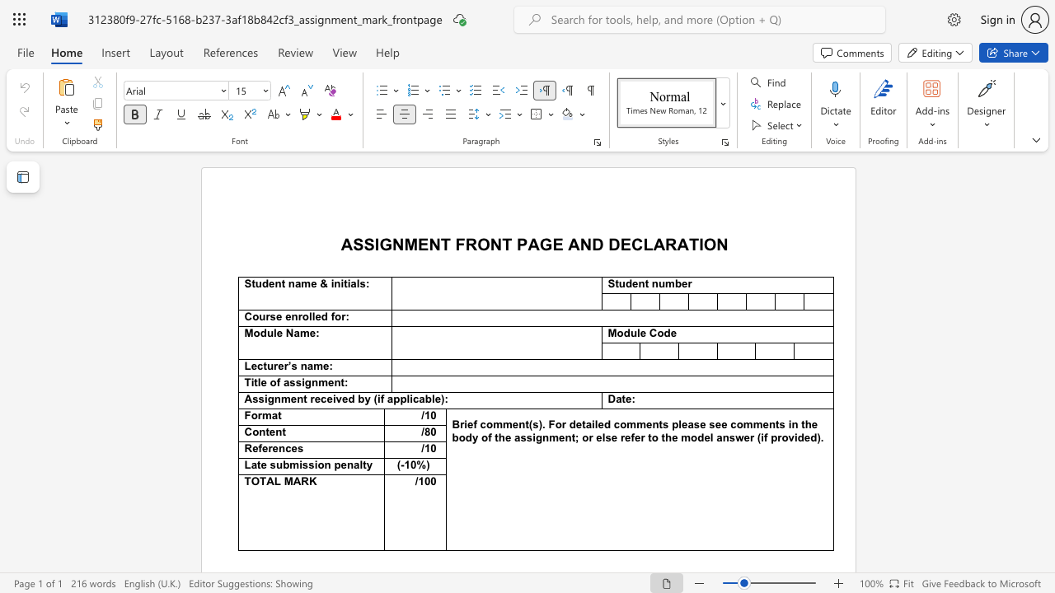 This screenshot has width=1055, height=593. I want to click on the subset text "ion" within the text "Late submission penalty", so click(314, 465).